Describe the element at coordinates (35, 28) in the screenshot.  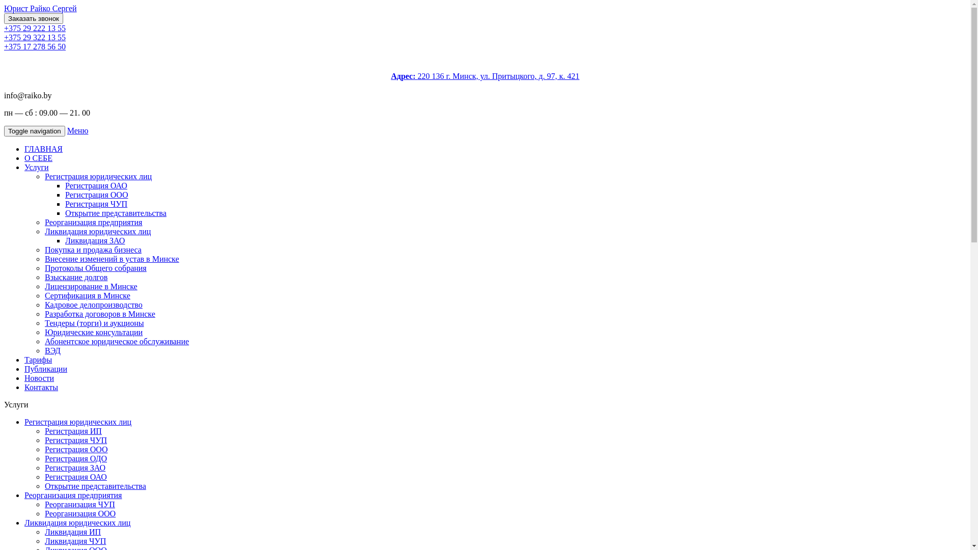
I see `'+375 29 222 13 55'` at that location.